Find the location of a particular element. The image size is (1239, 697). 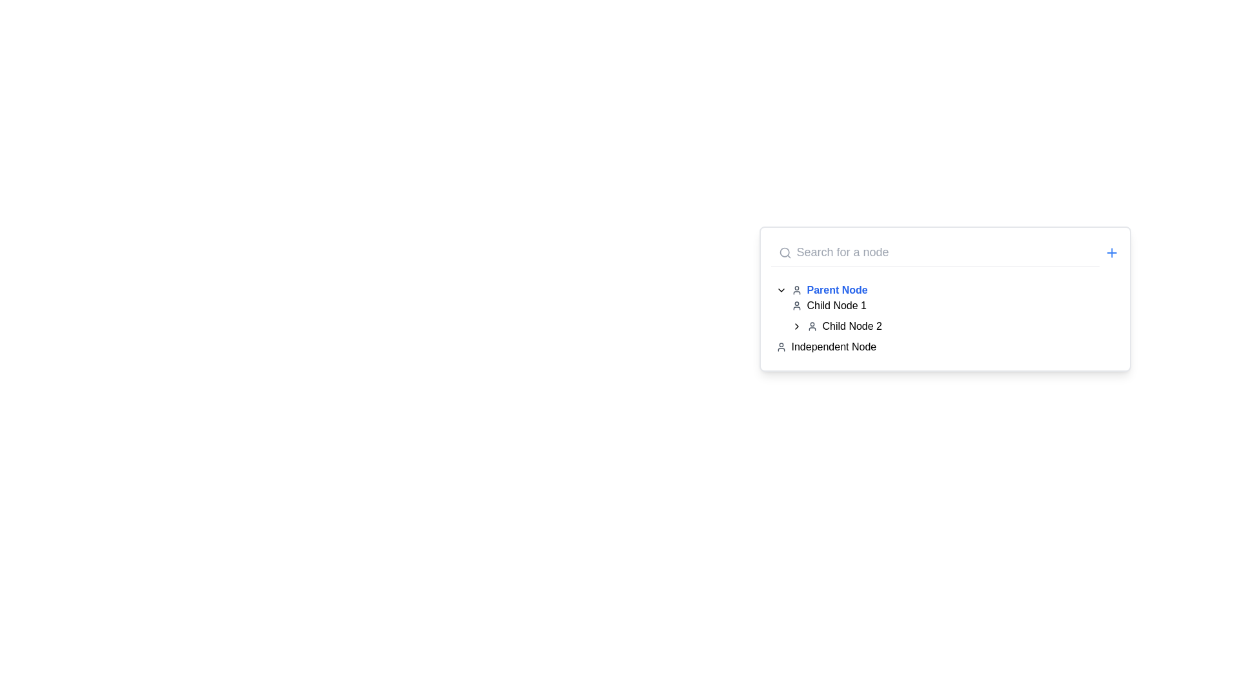

the text label that serves as the title of a clickable item in a navigation structure is located at coordinates (837, 290).